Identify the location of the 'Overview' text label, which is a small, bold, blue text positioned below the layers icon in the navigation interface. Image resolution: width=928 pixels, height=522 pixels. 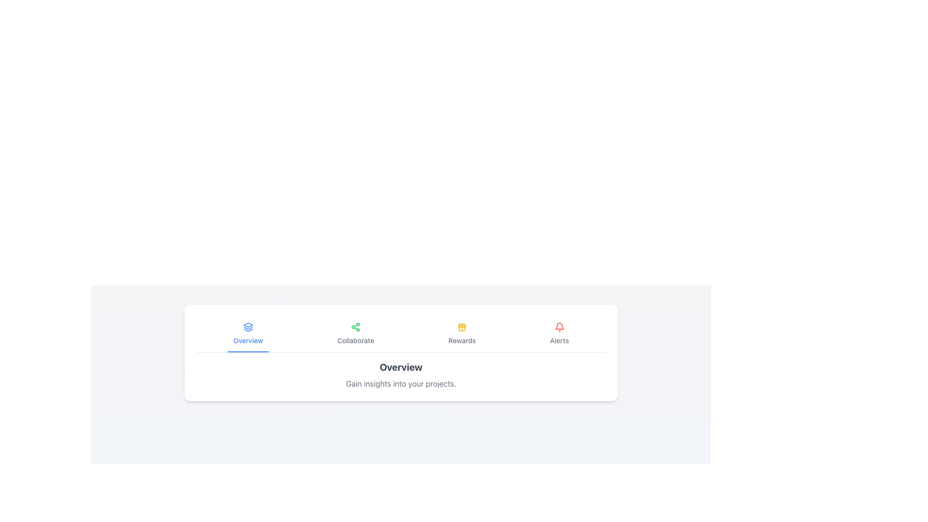
(248, 340).